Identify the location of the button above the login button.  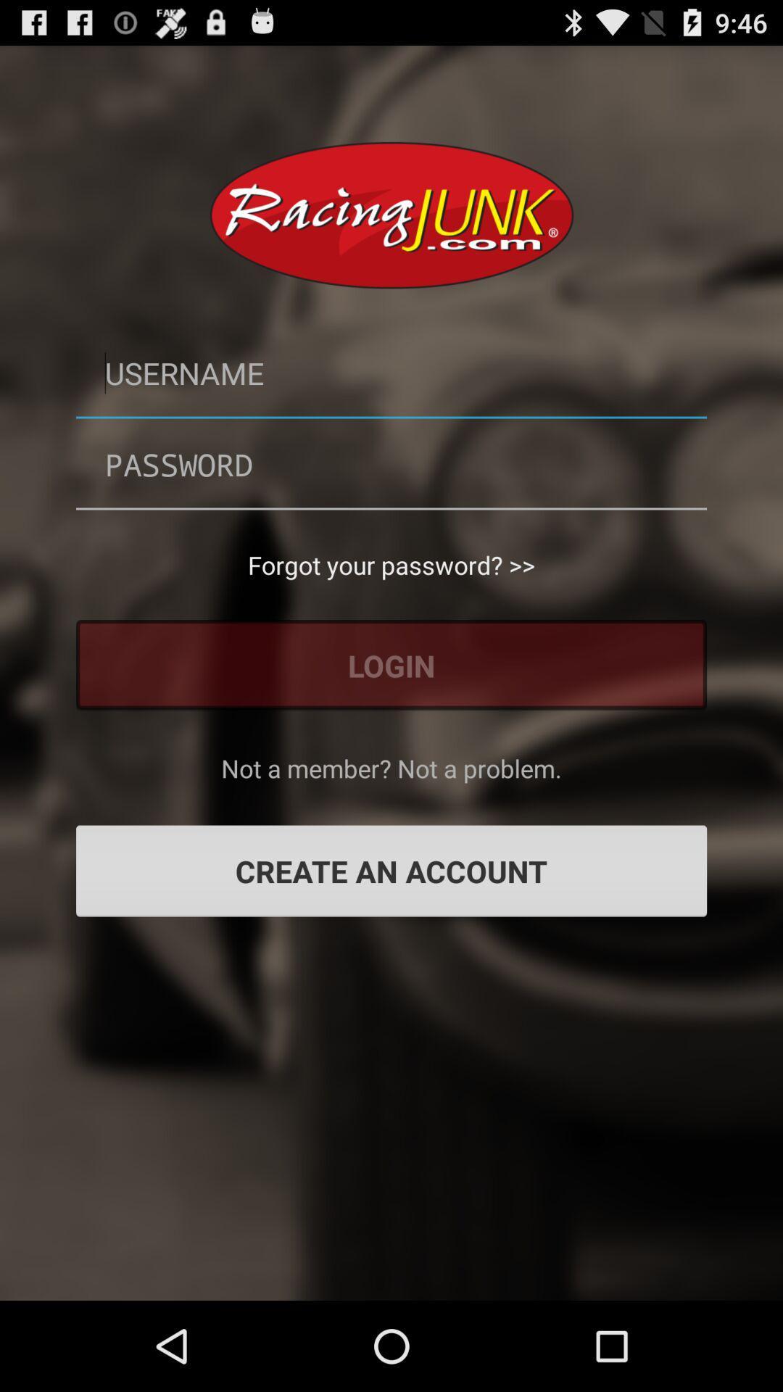
(391, 564).